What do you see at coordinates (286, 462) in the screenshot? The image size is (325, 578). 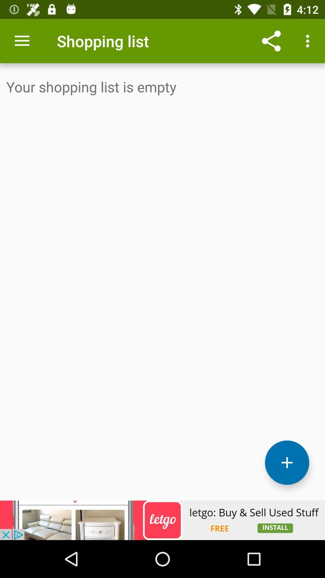 I see `increase` at bounding box center [286, 462].